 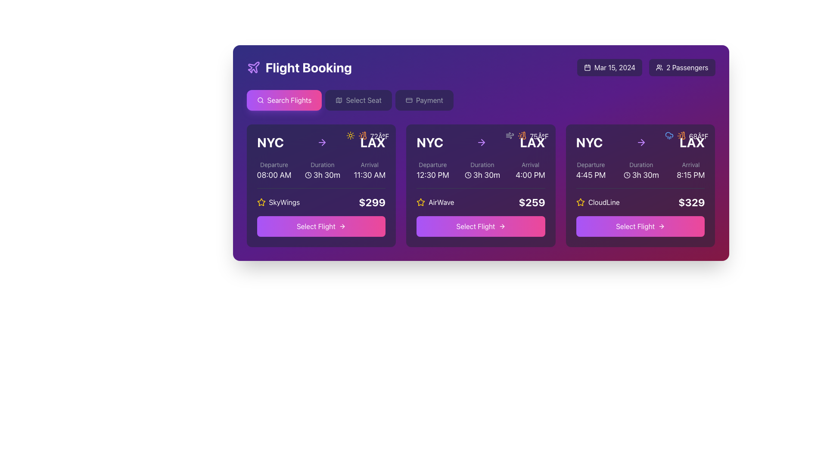 I want to click on displayed time '4:45 PM' from the Text Label located in the last flight details card under the 'Departure' label, so click(x=591, y=175).